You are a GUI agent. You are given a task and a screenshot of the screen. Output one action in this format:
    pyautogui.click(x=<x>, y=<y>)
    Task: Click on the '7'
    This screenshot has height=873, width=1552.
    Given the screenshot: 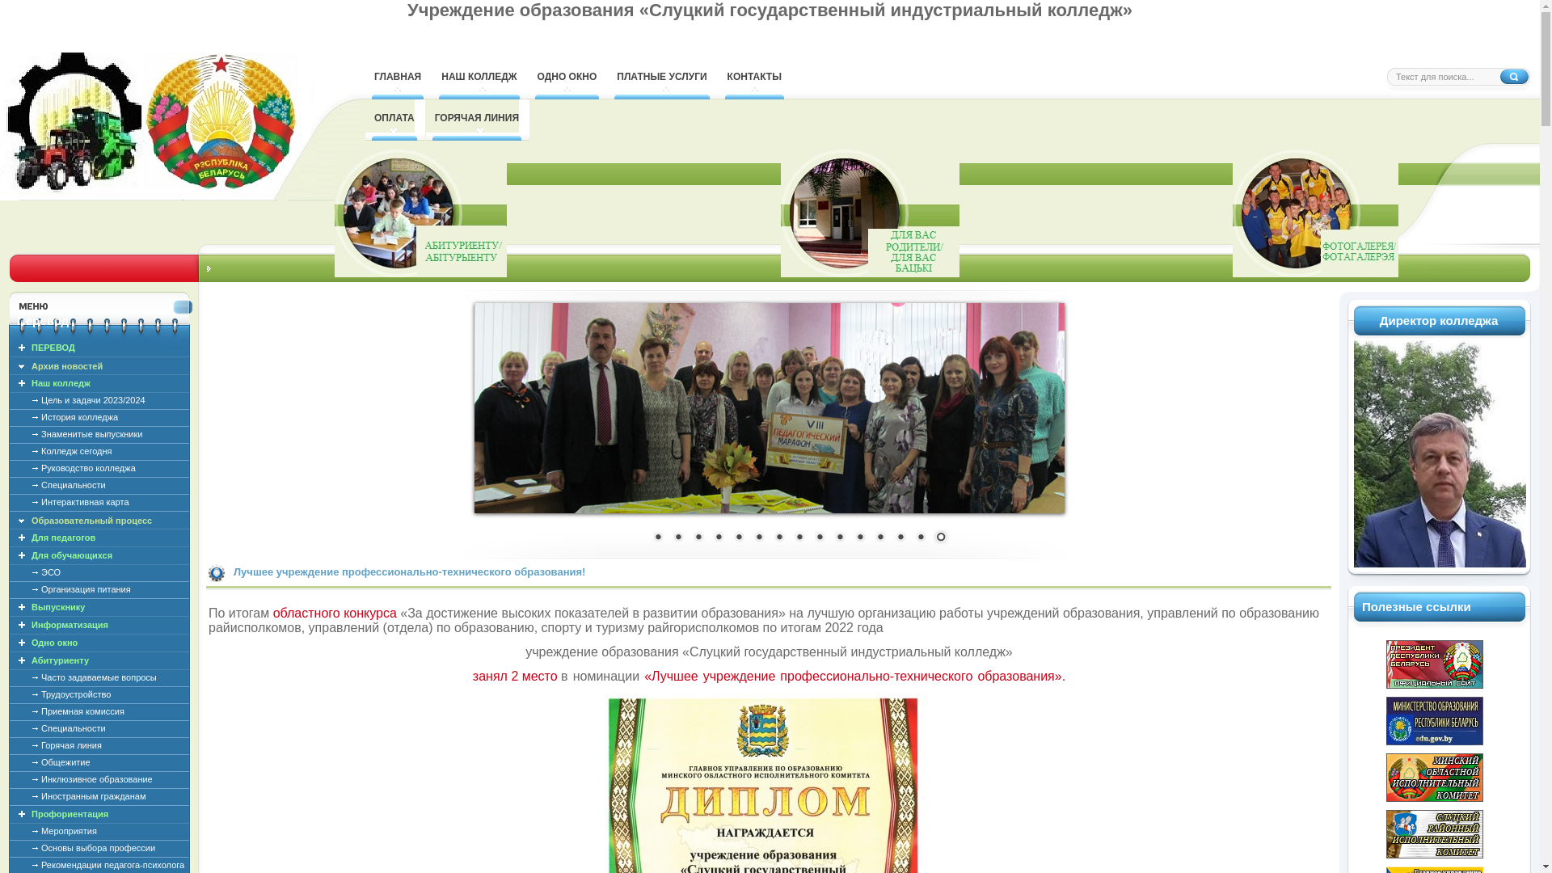 What is the action you would take?
    pyautogui.click(x=778, y=538)
    